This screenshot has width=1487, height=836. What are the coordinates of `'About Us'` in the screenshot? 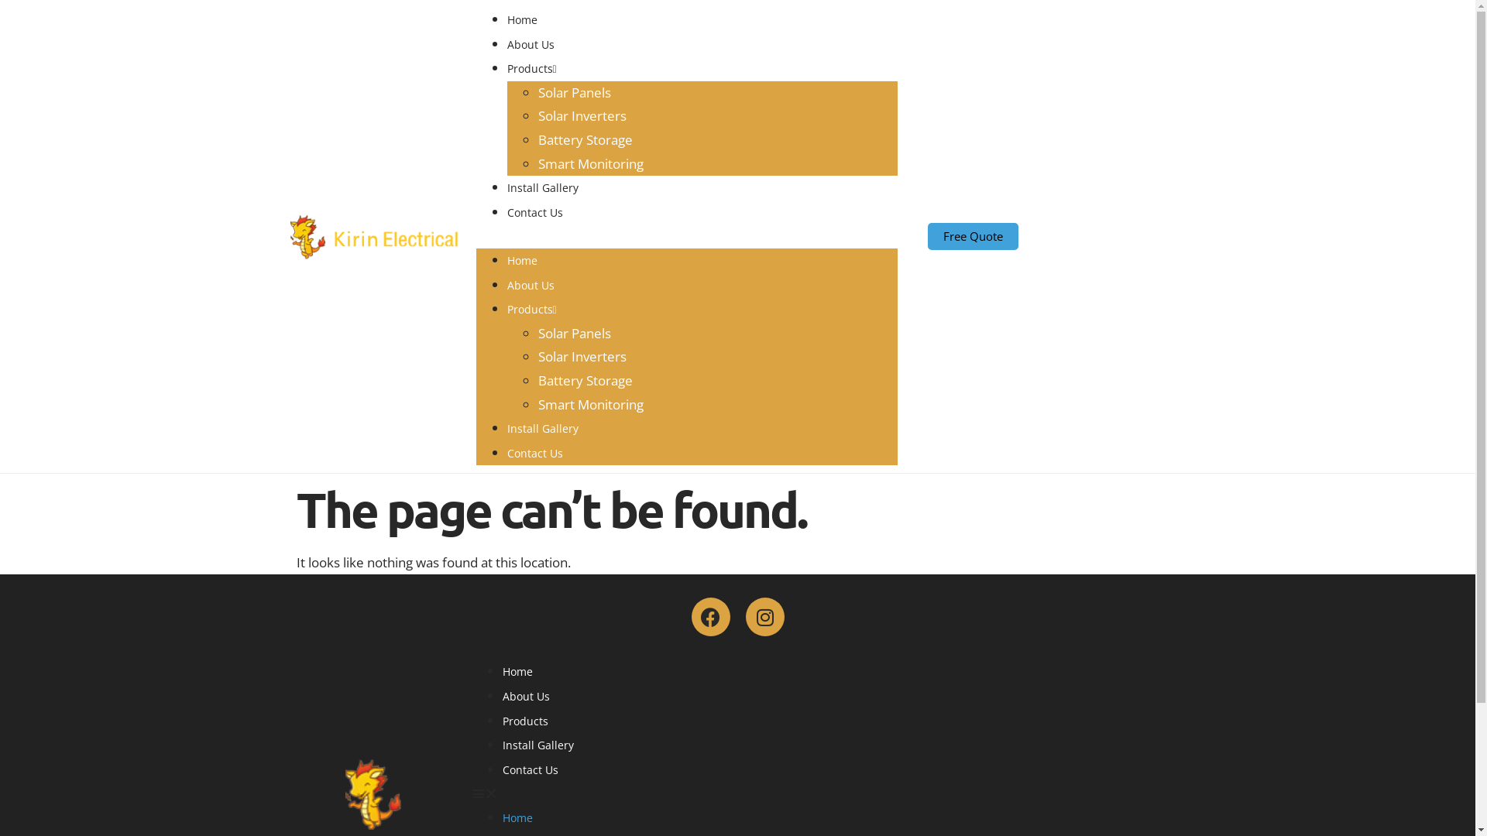 It's located at (530, 43).